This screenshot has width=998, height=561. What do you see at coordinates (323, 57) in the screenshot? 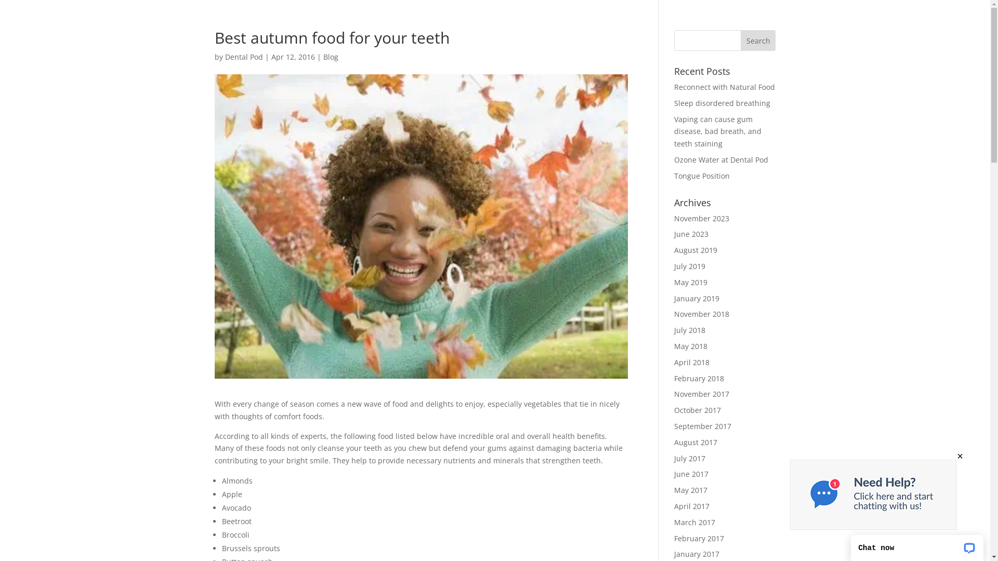
I see `'Blog'` at bounding box center [323, 57].